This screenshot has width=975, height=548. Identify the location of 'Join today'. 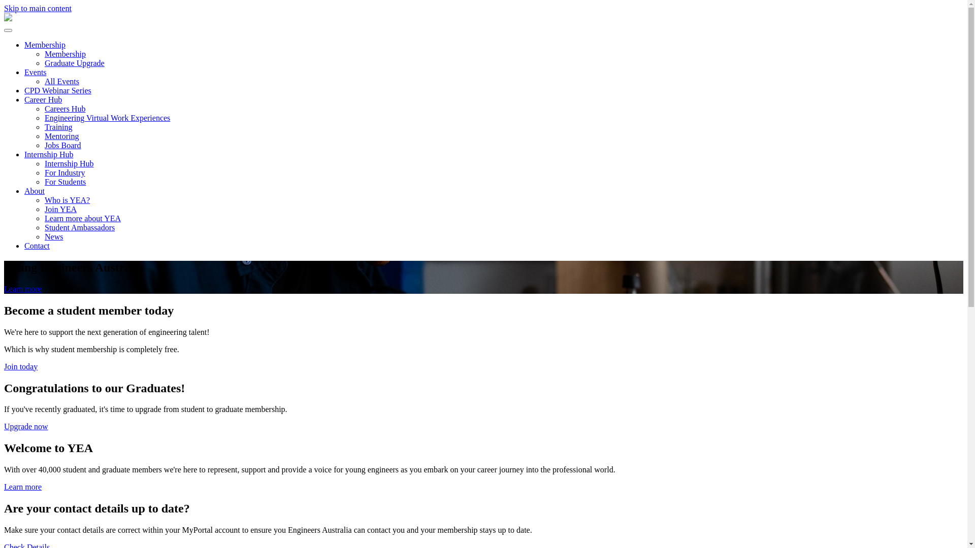
(21, 366).